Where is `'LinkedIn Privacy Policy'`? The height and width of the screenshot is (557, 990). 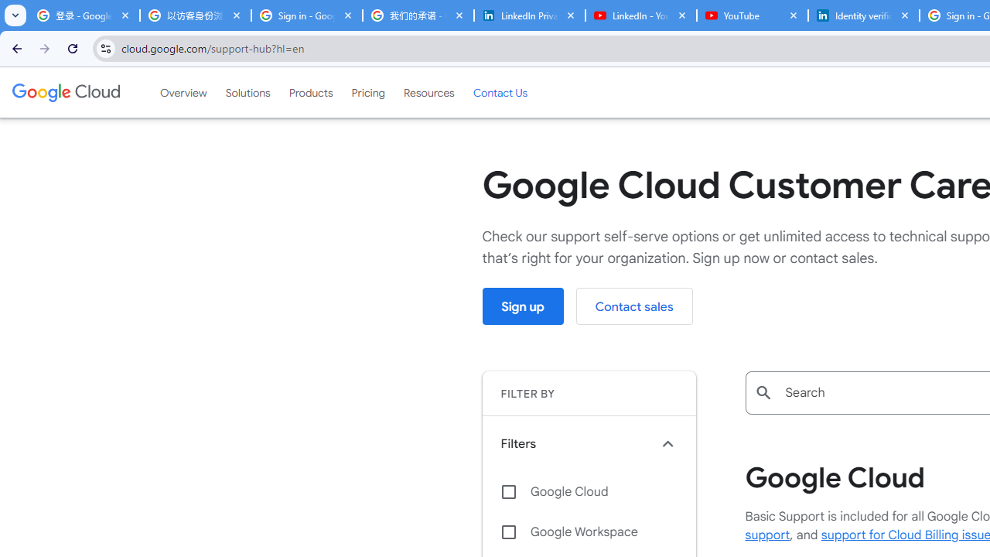 'LinkedIn Privacy Policy' is located at coordinates (529, 15).